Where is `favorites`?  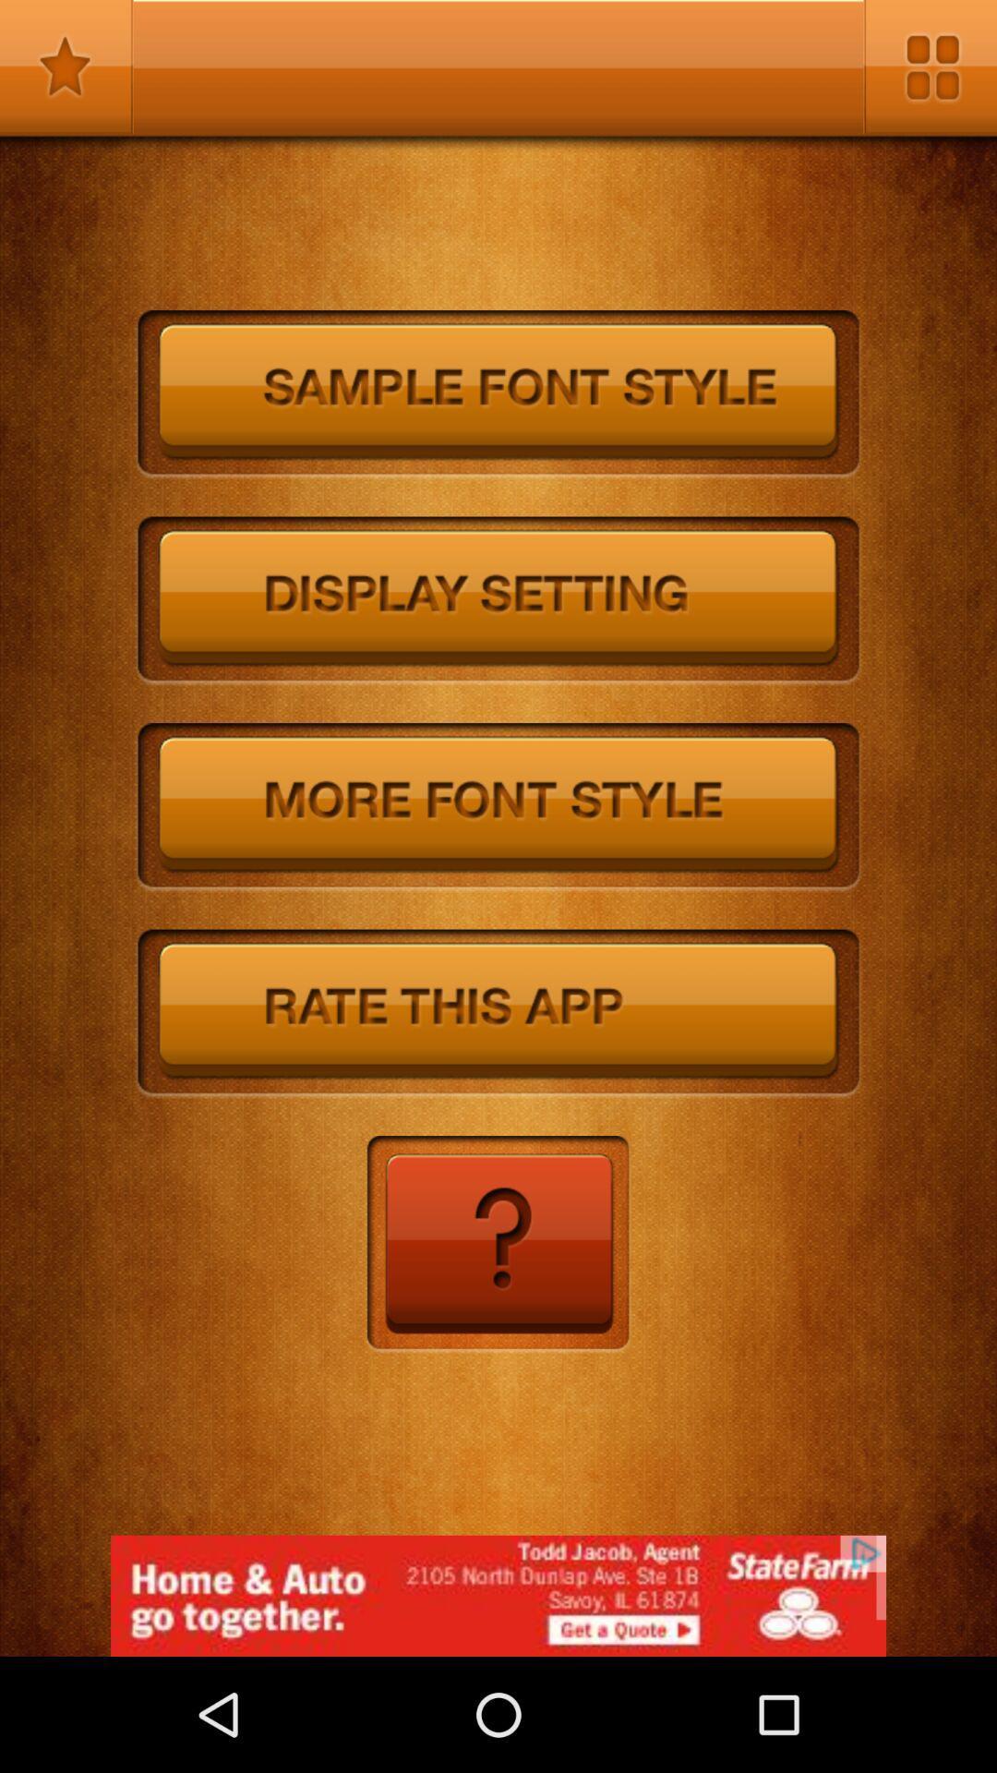 favorites is located at coordinates (66, 66).